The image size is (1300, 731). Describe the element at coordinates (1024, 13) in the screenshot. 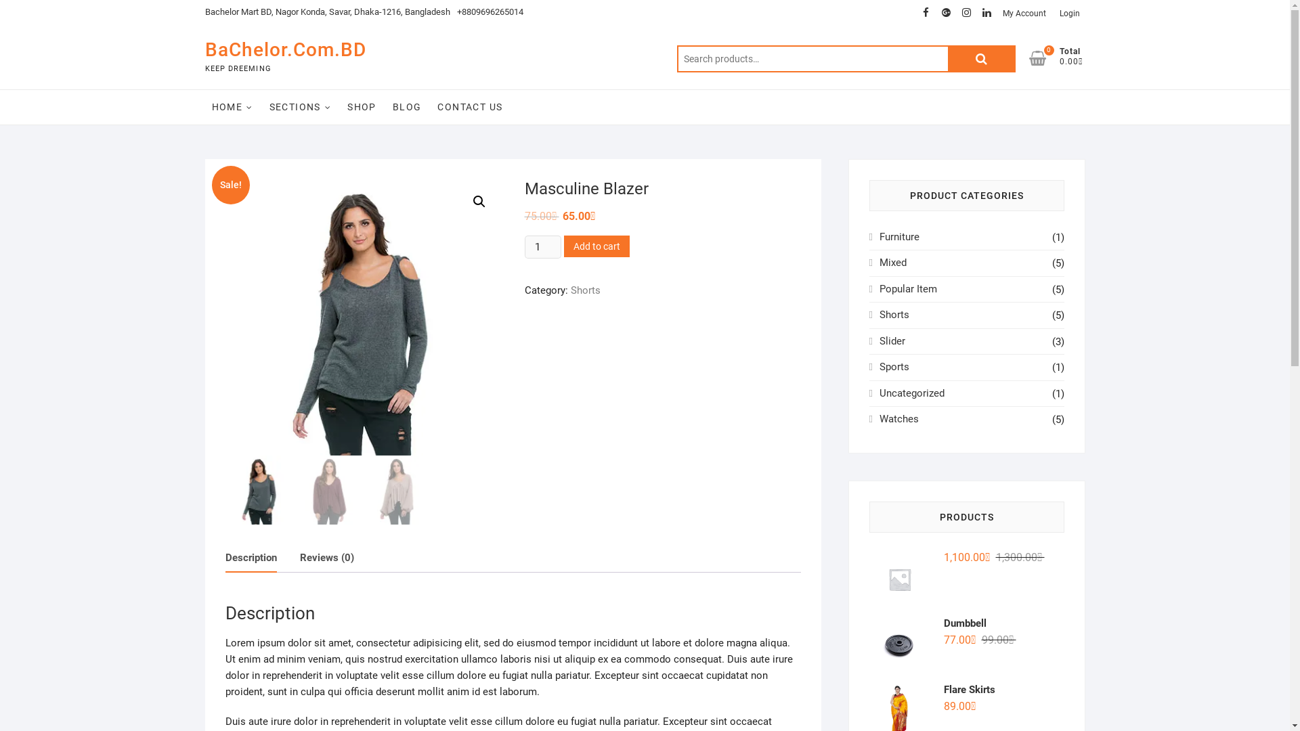

I see `'My Account'` at that location.